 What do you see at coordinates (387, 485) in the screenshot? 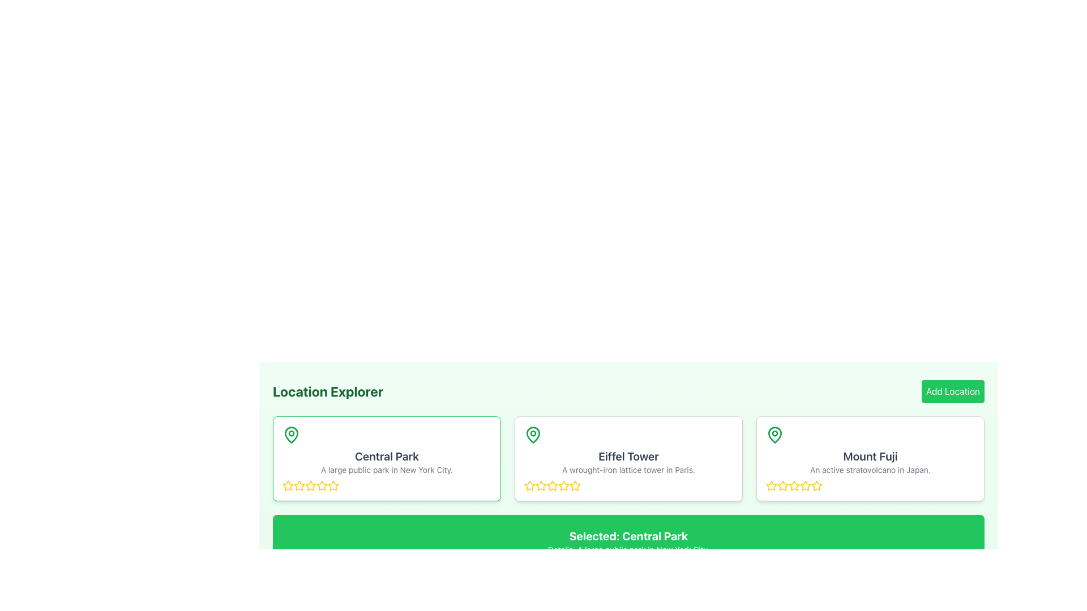
I see `the rating visually by focusing on the horizontal row of five yellow star icons located at the bottom of the panel displaying information about 'Central Park'` at bounding box center [387, 485].